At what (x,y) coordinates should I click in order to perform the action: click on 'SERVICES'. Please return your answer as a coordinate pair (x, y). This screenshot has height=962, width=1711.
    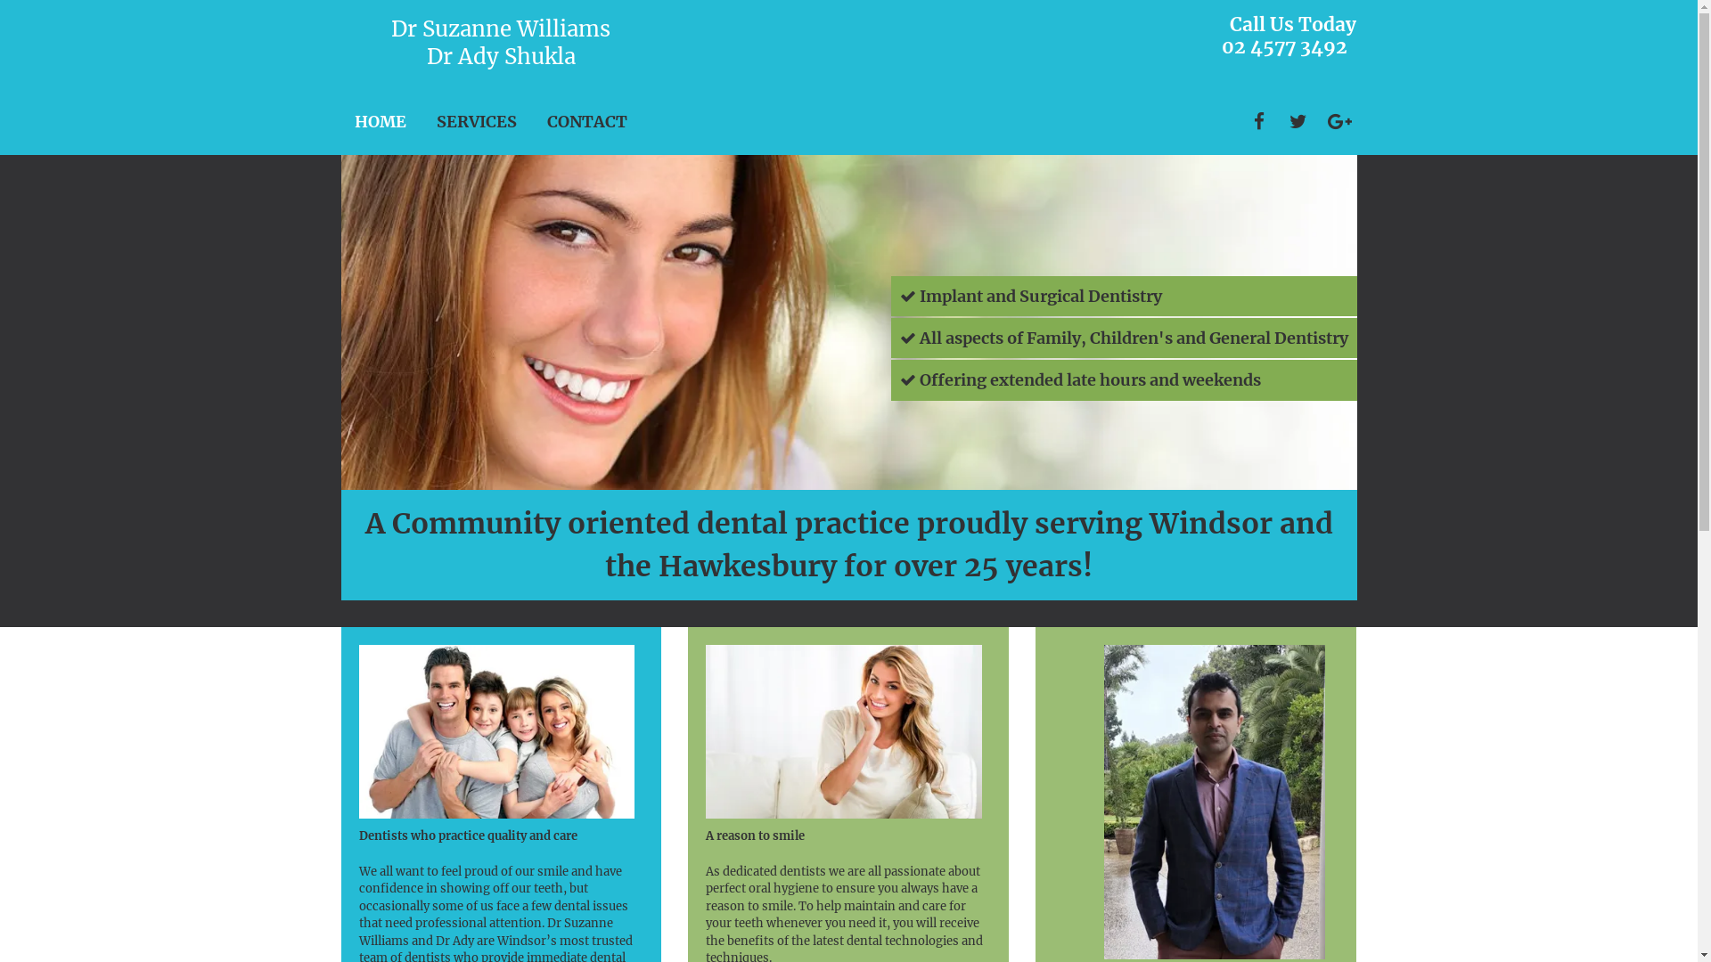
    Looking at the image, I should click on (476, 121).